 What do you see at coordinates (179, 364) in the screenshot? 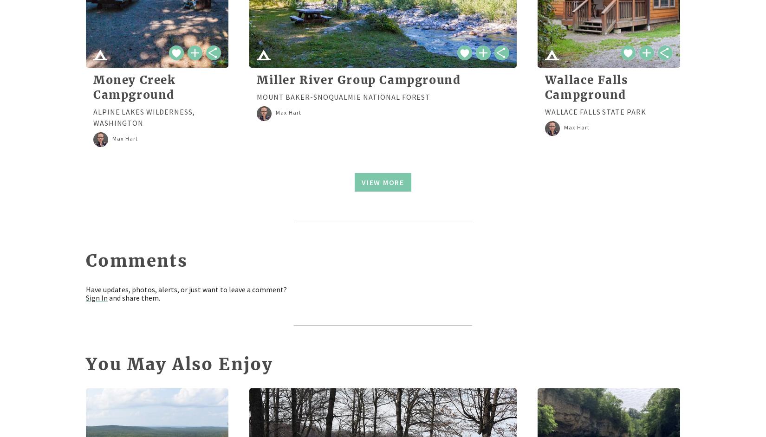
I see `'You May Also Enjoy'` at bounding box center [179, 364].